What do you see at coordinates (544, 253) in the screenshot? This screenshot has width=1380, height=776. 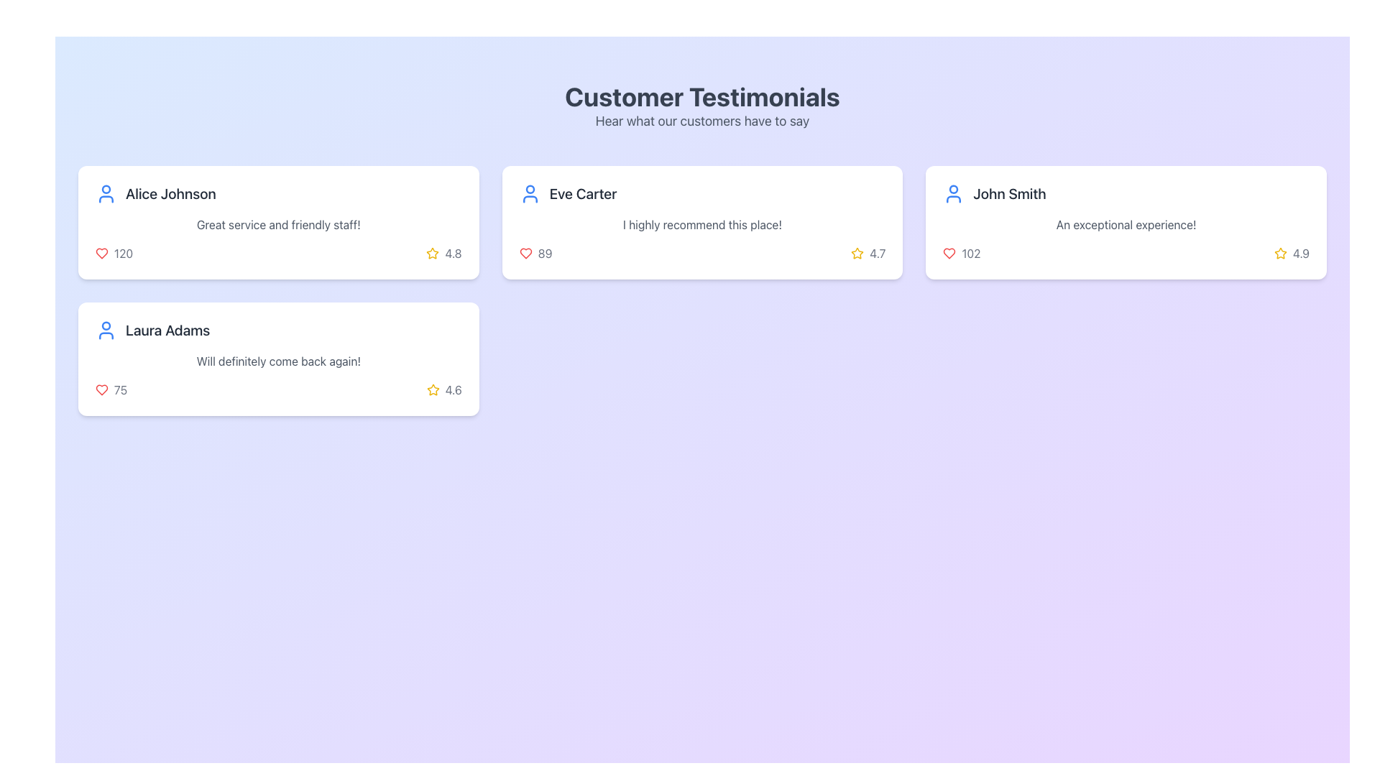 I see `text content of the likes or favorites counter located in the top-right quadrant of the card for 'Eve Carter', positioned directly to the right of a heart icon` at bounding box center [544, 253].